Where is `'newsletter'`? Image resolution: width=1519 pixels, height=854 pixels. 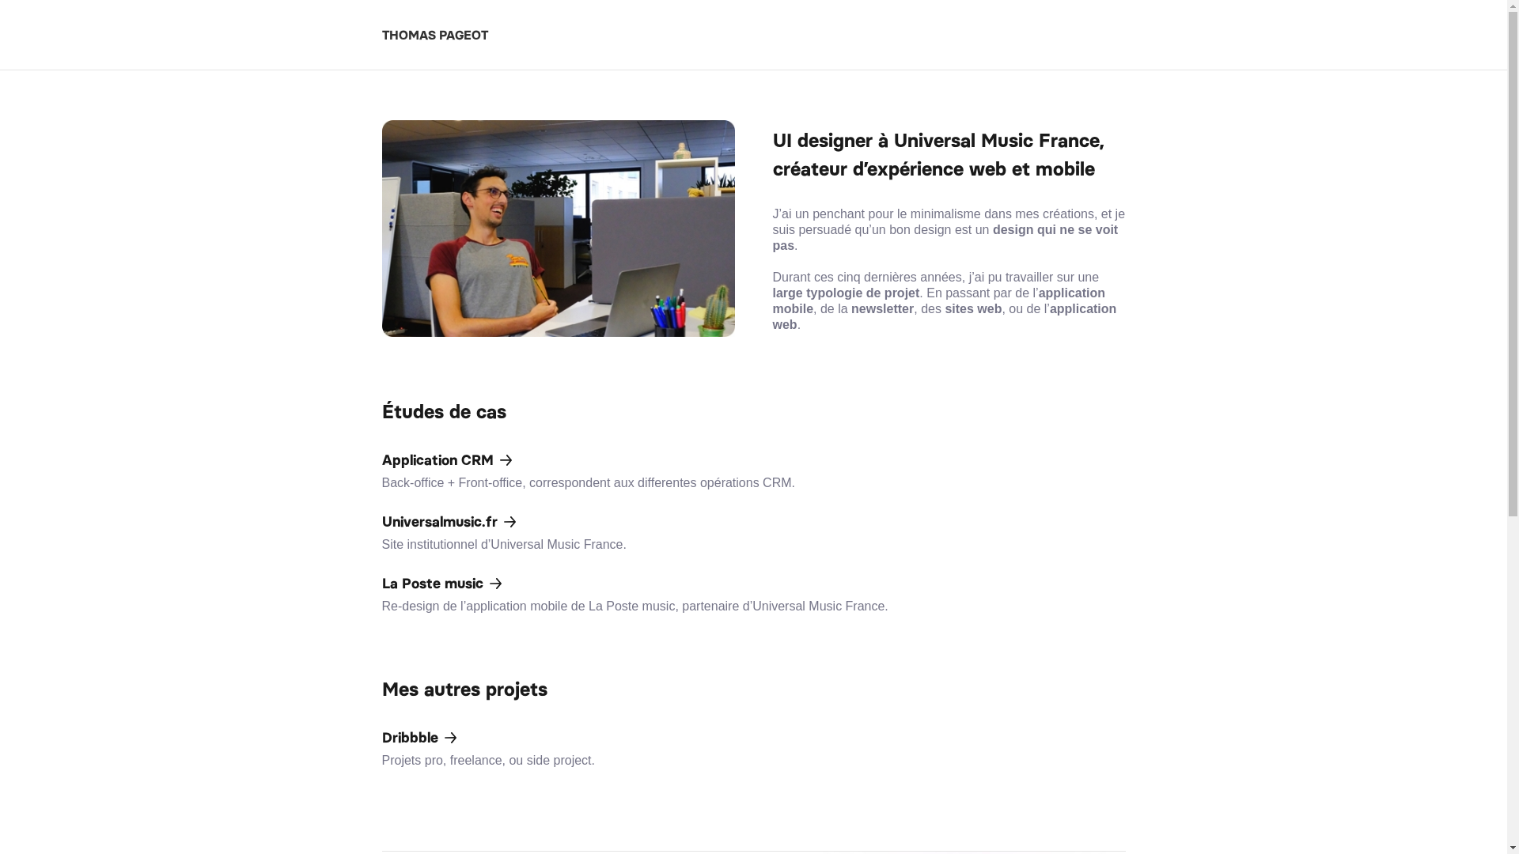 'newsletter' is located at coordinates (850, 308).